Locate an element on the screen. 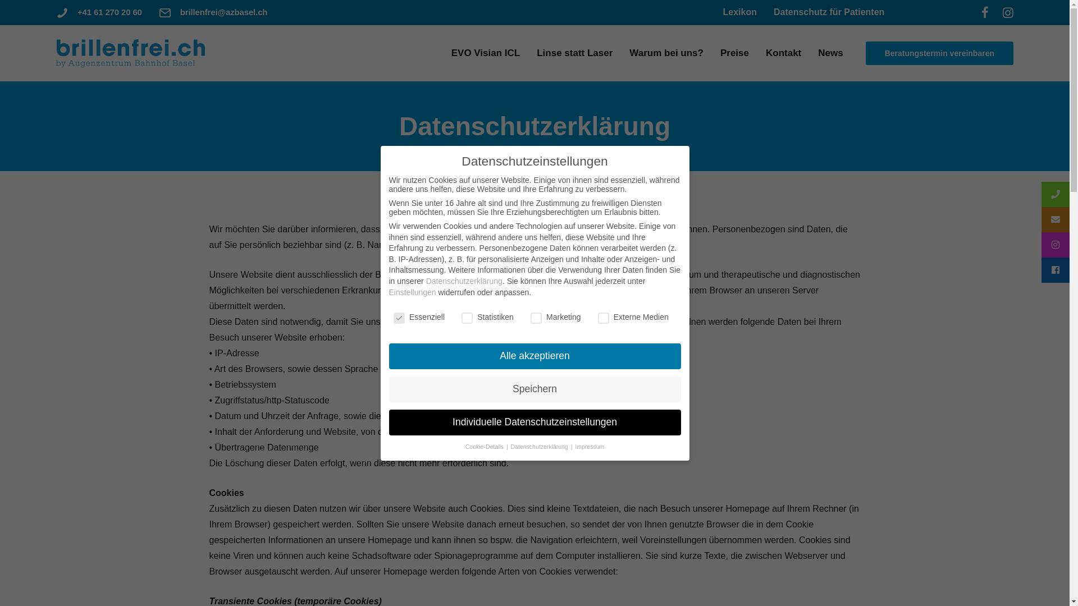  'Speichern' is located at coordinates (533, 389).